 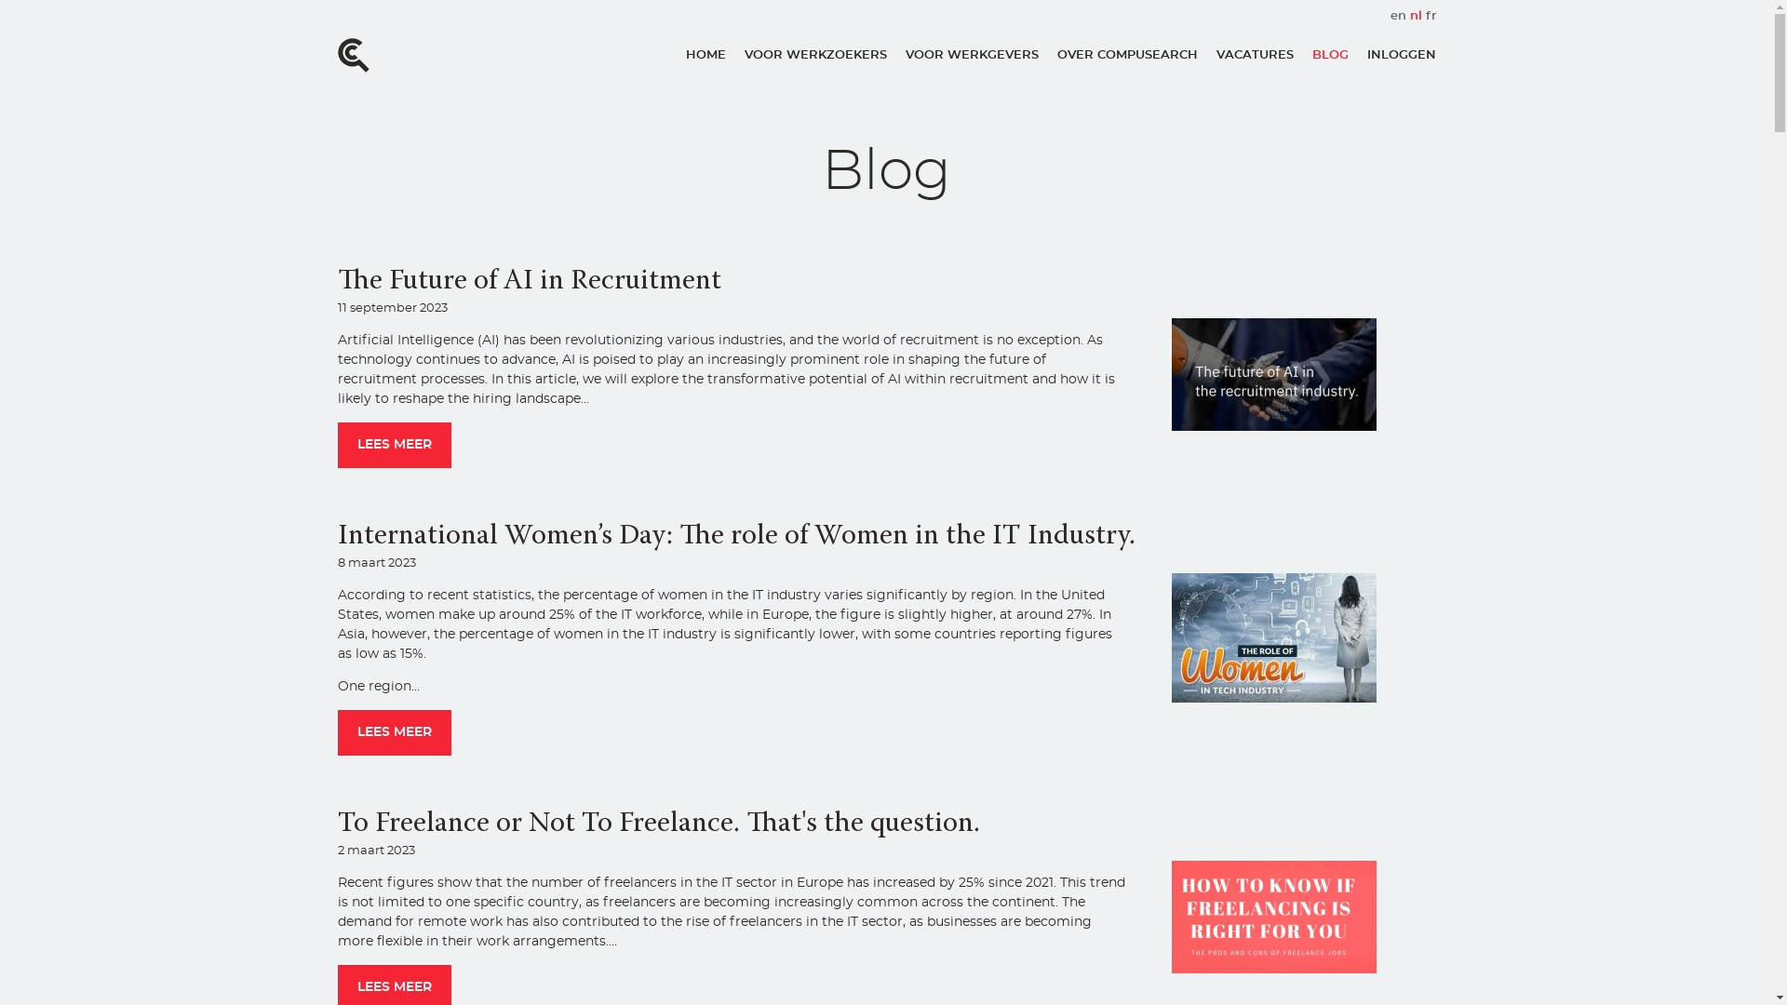 I want to click on 'VOOR WERKGEVERS', so click(x=970, y=54).